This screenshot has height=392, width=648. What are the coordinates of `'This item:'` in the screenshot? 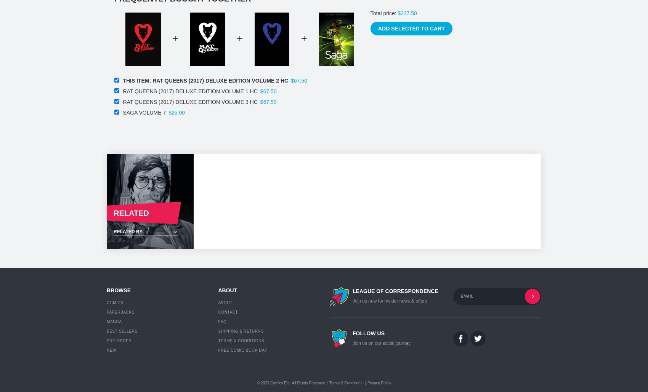 It's located at (122, 80).